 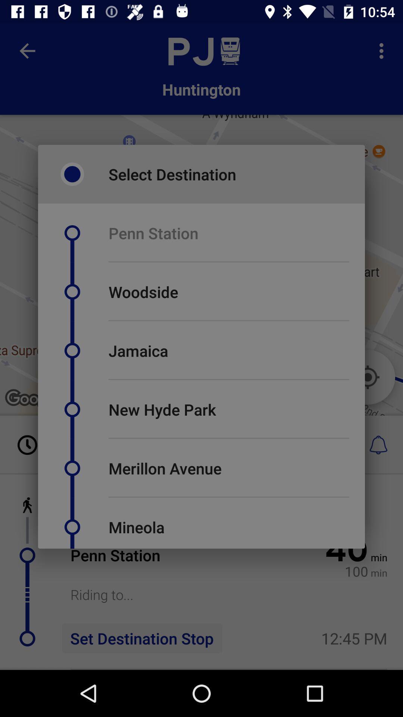 I want to click on the item below the select destination icon, so click(x=153, y=233).